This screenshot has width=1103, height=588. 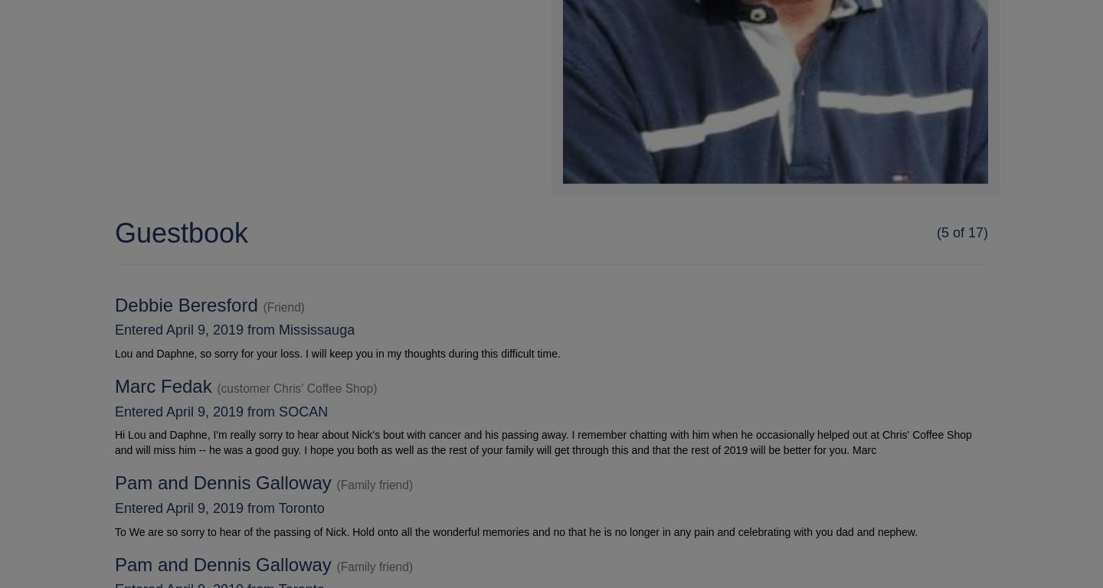 I want to click on 'To We are so sorry to hear of the passing of Nick. Hold onto all the wonderful memories and no that he is no longer in any pain and celebrating with you dad and nephew.', so click(x=114, y=531).